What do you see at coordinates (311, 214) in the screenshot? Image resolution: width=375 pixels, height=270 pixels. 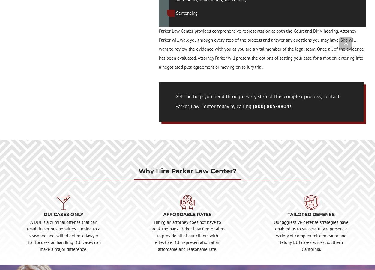 I see `'TAILORED DEFENSE'` at bounding box center [311, 214].